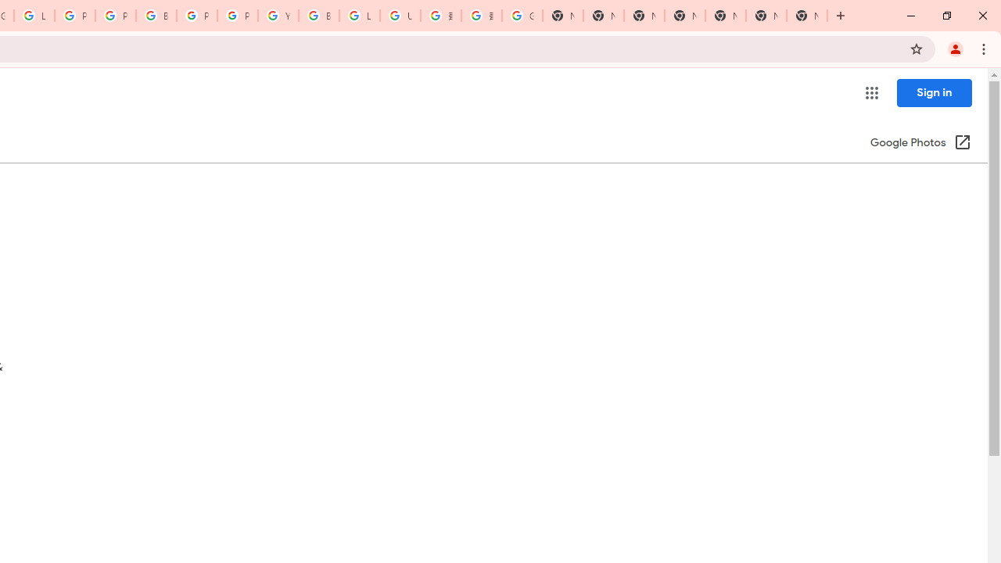  What do you see at coordinates (74, 16) in the screenshot?
I see `'Privacy Help Center - Policies Help'` at bounding box center [74, 16].